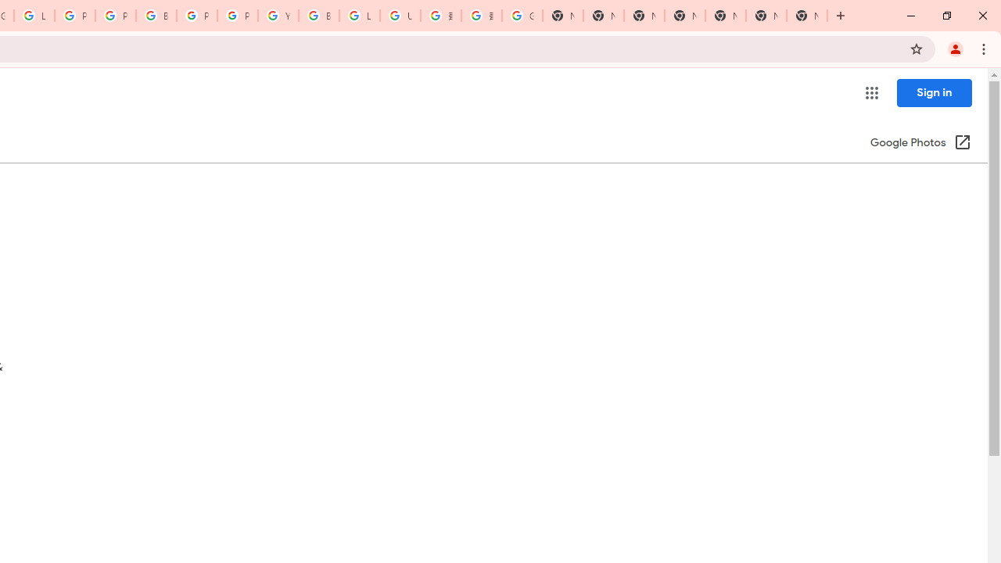  What do you see at coordinates (74, 16) in the screenshot?
I see `'Privacy Help Center - Policies Help'` at bounding box center [74, 16].